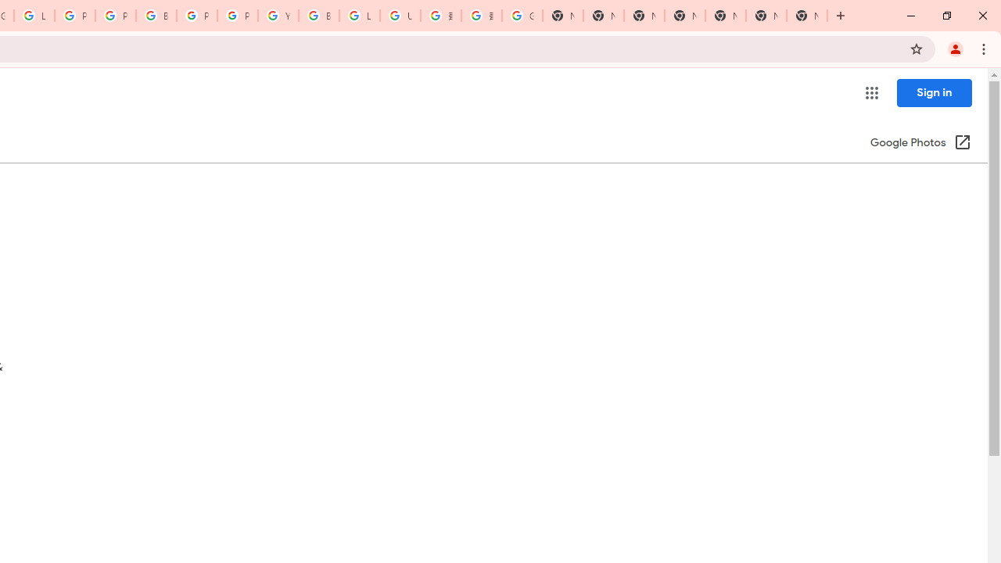  What do you see at coordinates (74, 16) in the screenshot?
I see `'Privacy Help Center - Policies Help'` at bounding box center [74, 16].